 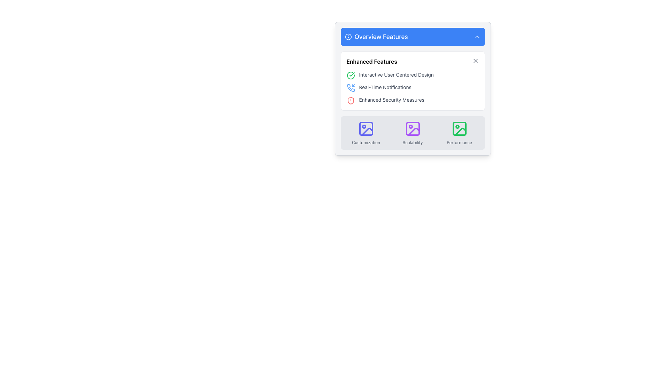 I want to click on the icons in the grid of labeled icons within the 'Overview Features' card, so click(x=413, y=133).